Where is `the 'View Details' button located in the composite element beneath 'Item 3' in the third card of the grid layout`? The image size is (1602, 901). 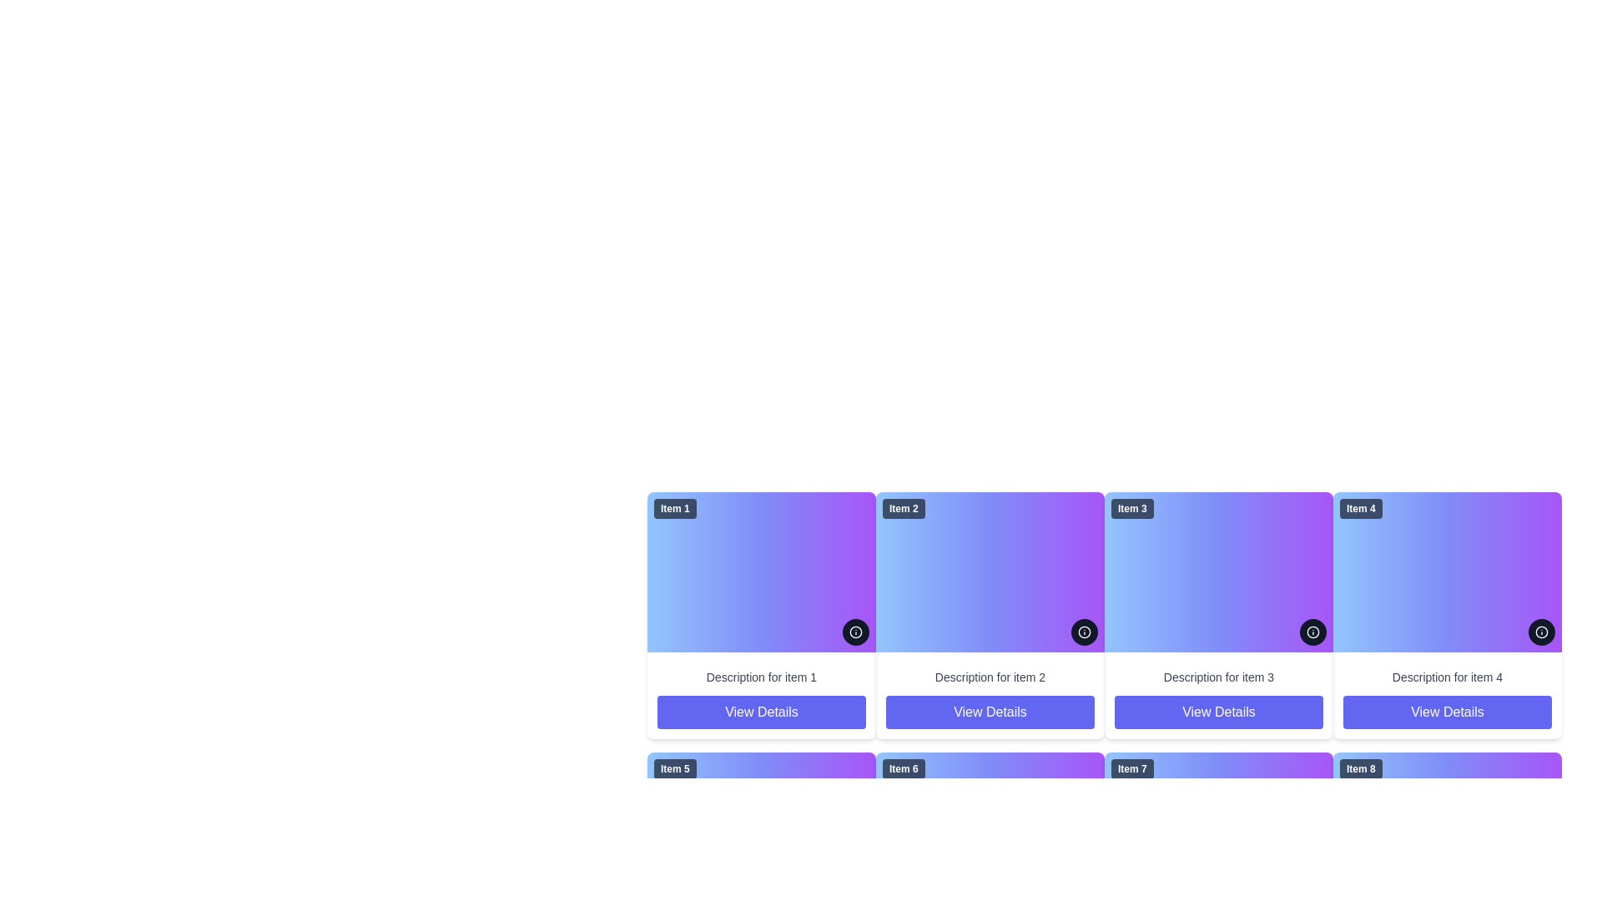 the 'View Details' button located in the composite element beneath 'Item 3' in the third card of the grid layout is located at coordinates (1218, 695).